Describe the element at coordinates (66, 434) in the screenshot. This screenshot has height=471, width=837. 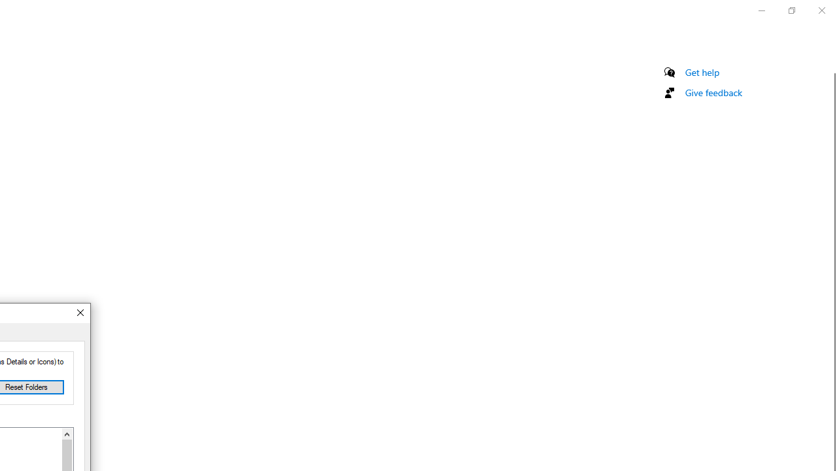
I see `'Line up'` at that location.